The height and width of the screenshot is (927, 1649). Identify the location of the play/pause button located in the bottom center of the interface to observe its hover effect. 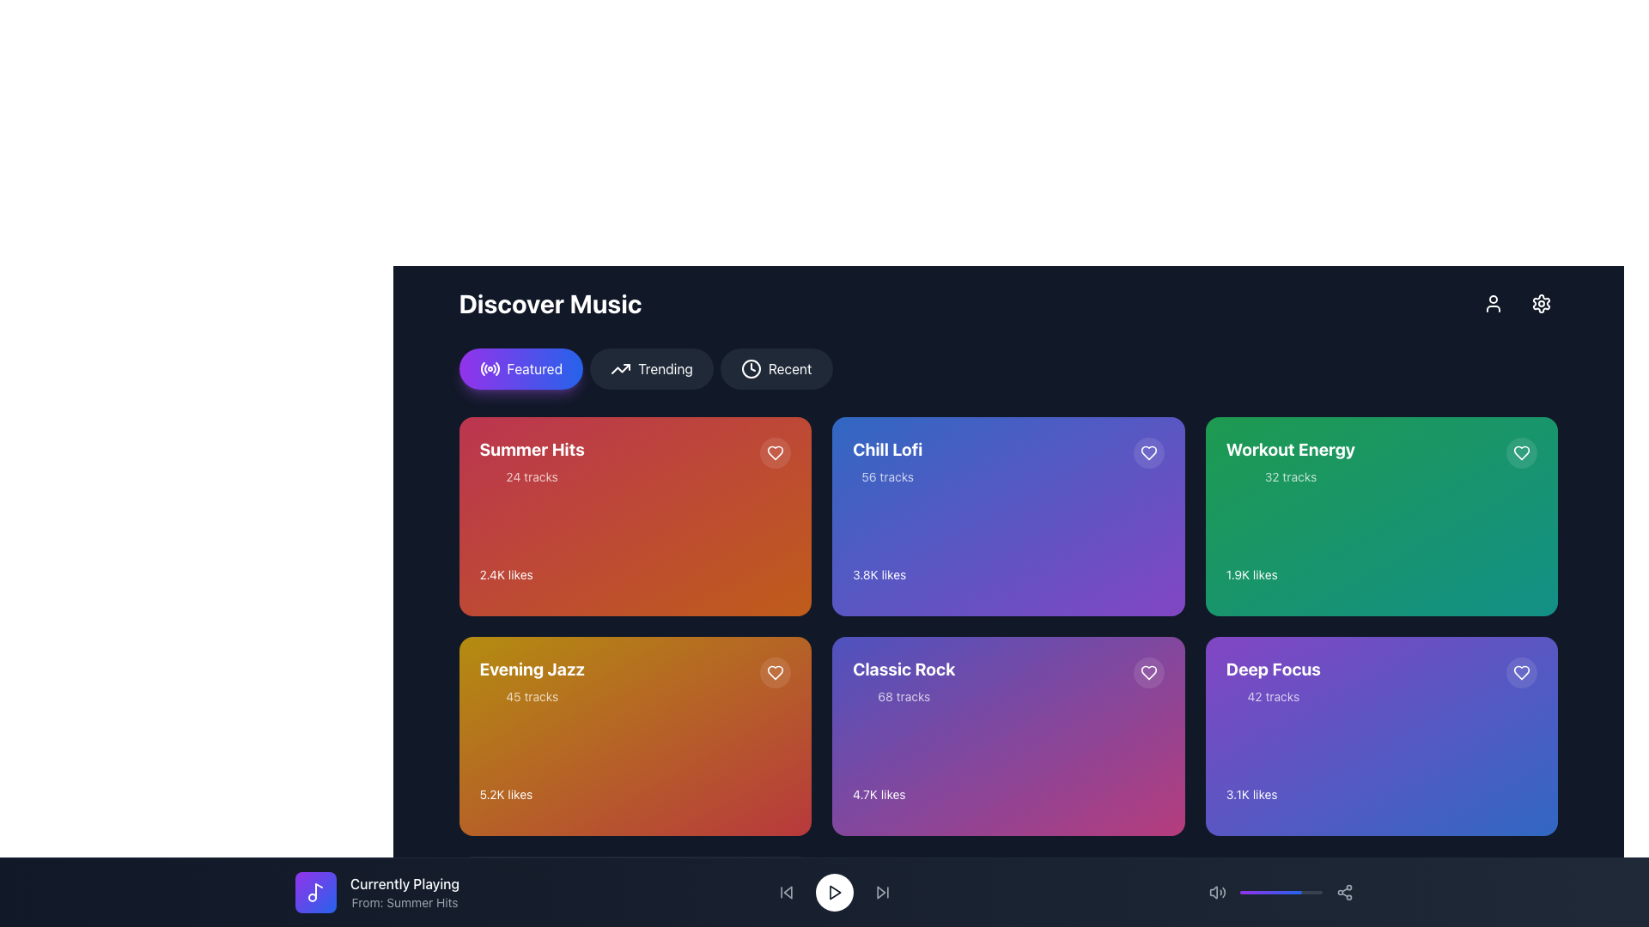
(834, 892).